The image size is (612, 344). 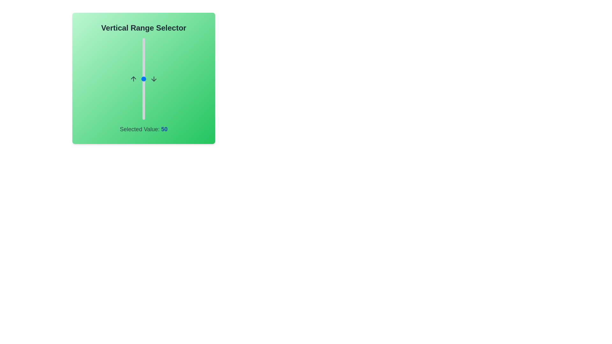 What do you see at coordinates (154, 78) in the screenshot?
I see `the down arrow icon to adjust the range value` at bounding box center [154, 78].